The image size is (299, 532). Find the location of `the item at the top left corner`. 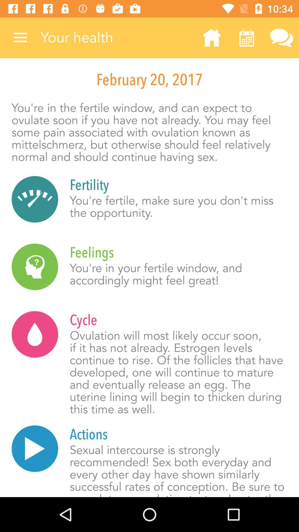

the item at the top left corner is located at coordinates (20, 37).